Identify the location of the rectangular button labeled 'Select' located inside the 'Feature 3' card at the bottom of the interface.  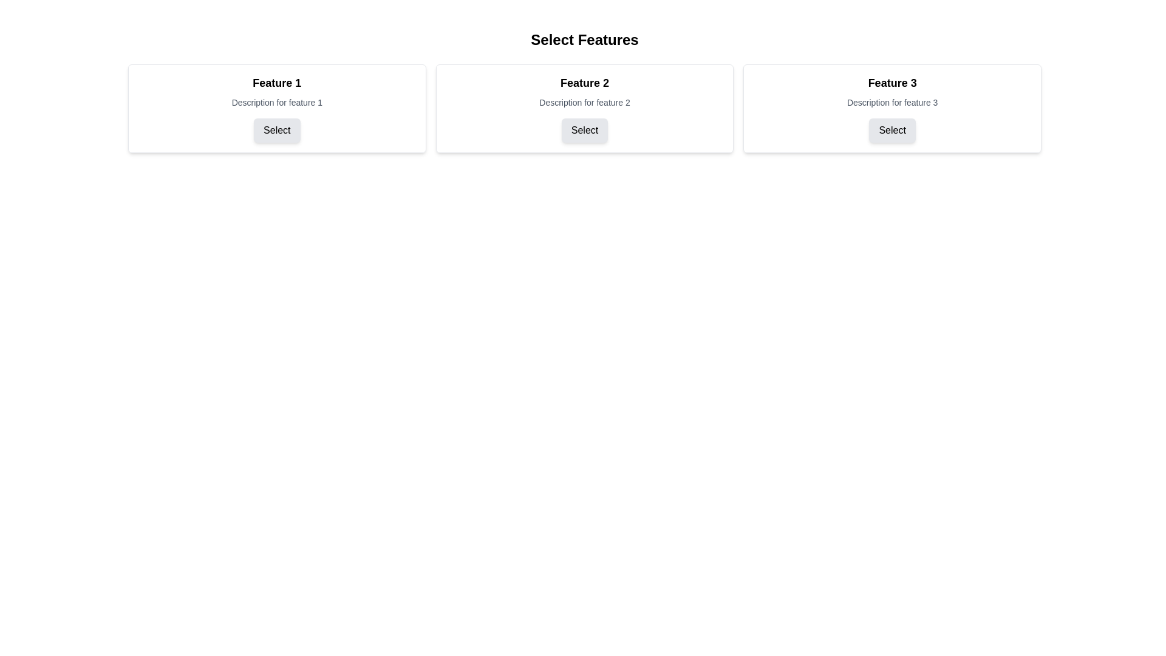
(892, 131).